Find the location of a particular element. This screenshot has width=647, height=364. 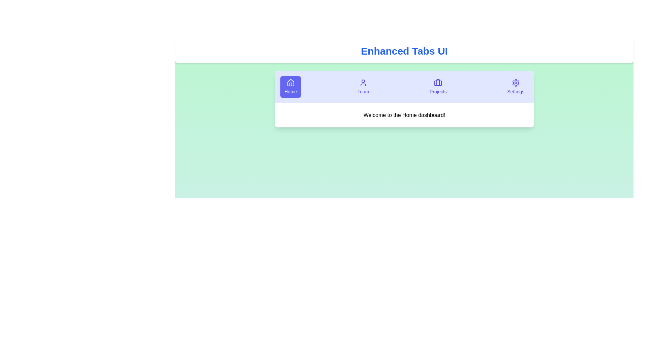

the blue cogwheel icon in the settings tab on the rightmost side of the navigation bar is located at coordinates (515, 83).